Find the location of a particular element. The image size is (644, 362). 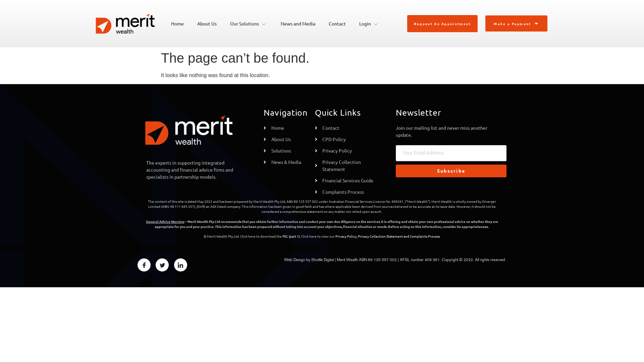

'Make a Payment' is located at coordinates (486, 23).